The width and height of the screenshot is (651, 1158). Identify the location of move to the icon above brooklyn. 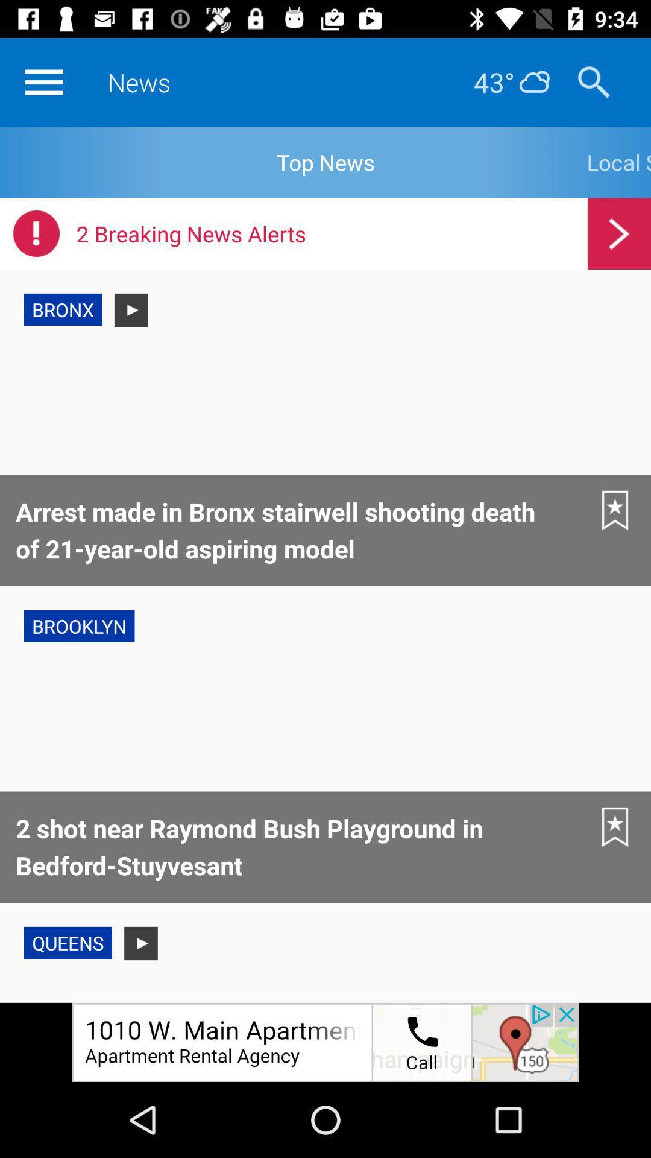
(615, 510).